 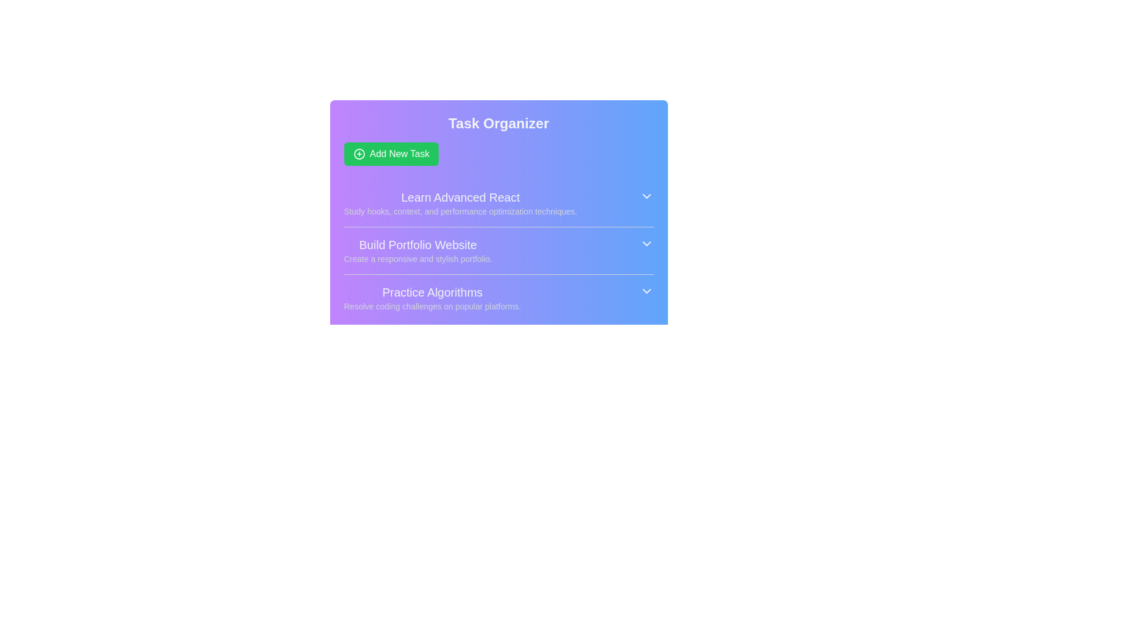 I want to click on a task within the Task viewing and management card, so click(x=498, y=217).